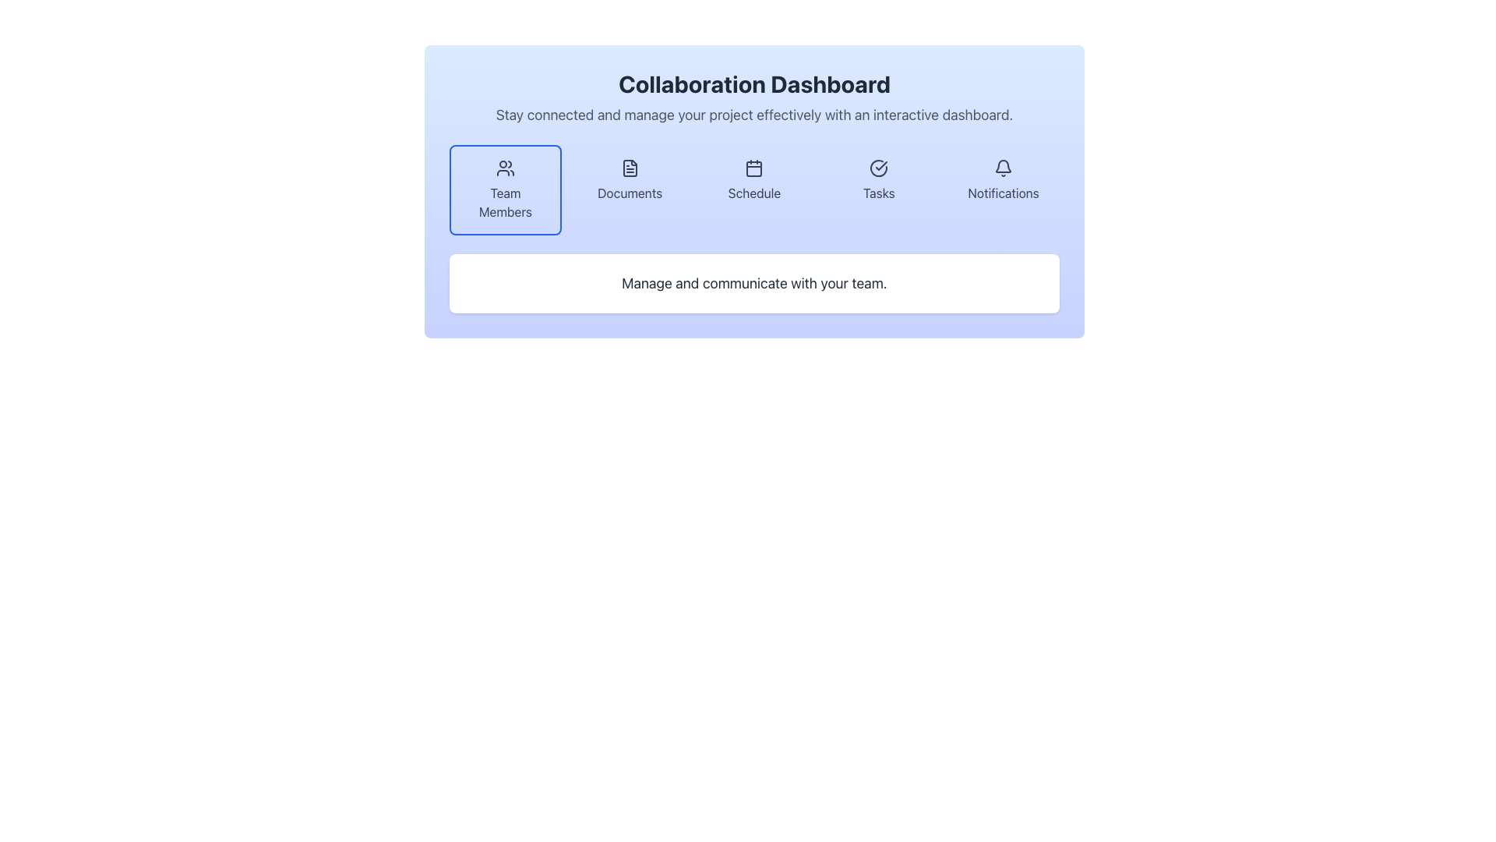 The width and height of the screenshot is (1496, 842). I want to click on the circular checkmark icon within the 'Tasks' navigation button, so click(879, 168).